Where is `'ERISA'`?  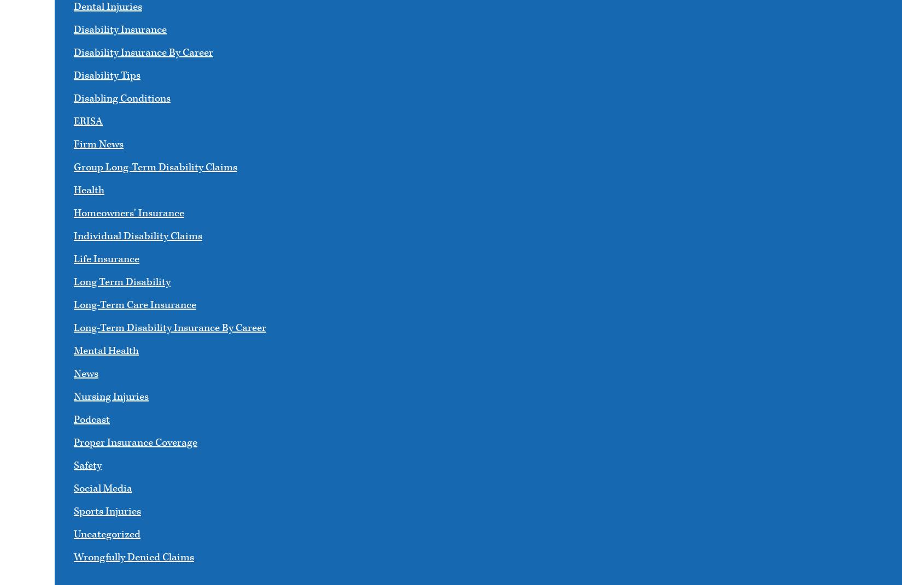
'ERISA' is located at coordinates (73, 121).